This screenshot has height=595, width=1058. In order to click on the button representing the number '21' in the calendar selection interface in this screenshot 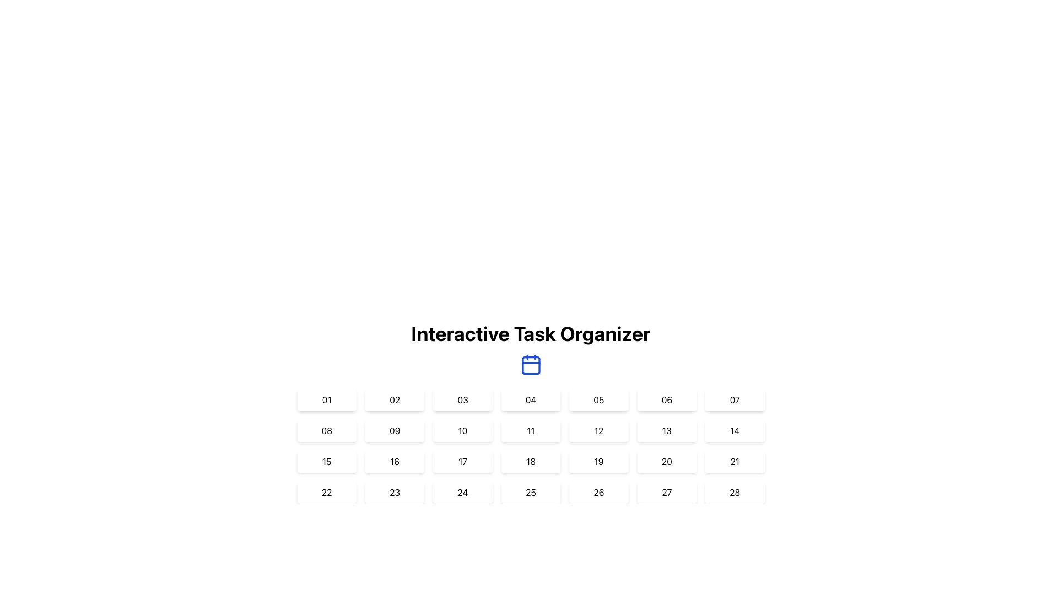, I will do `click(735, 461)`.